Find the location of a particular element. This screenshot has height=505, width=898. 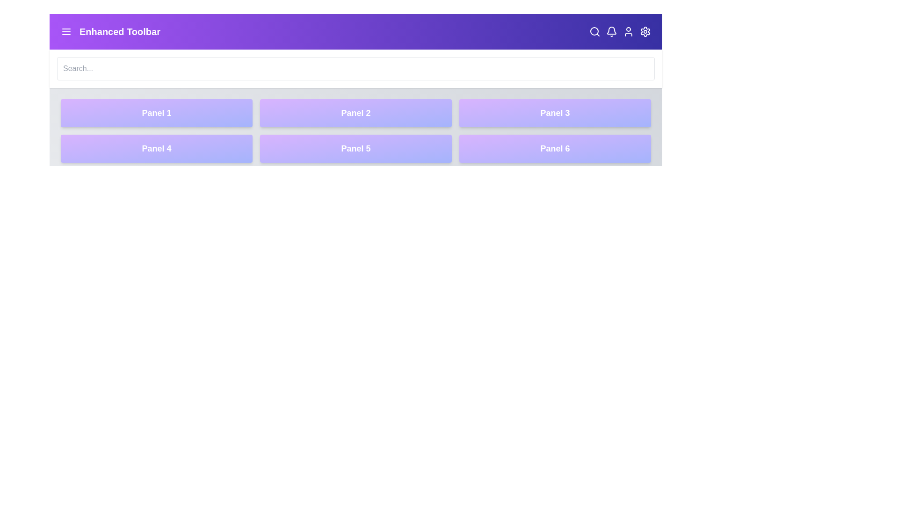

the search bar and type 'search text' is located at coordinates (355, 68).